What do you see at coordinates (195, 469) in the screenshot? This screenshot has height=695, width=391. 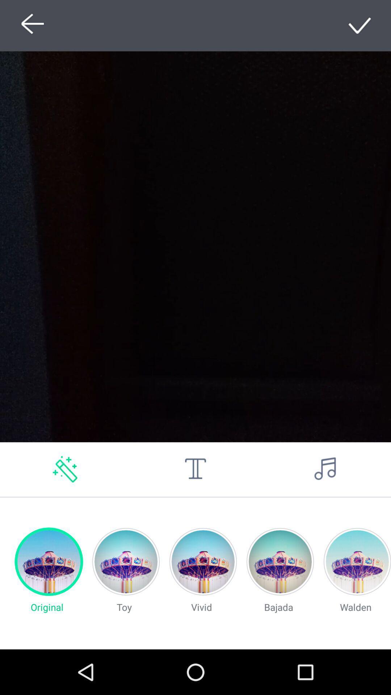 I see `tools` at bounding box center [195, 469].